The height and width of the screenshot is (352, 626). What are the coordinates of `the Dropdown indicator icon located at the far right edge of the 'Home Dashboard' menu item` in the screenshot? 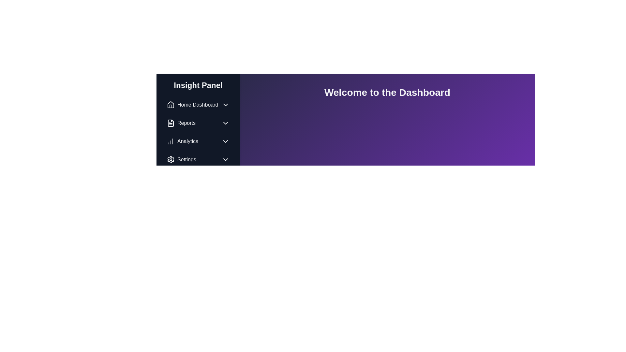 It's located at (225, 104).